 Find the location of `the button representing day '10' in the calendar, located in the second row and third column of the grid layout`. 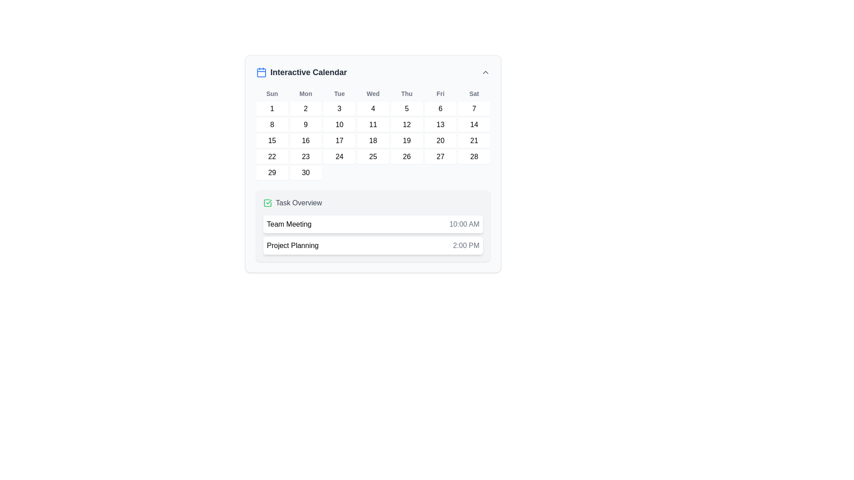

the button representing day '10' in the calendar, located in the second row and third column of the grid layout is located at coordinates (339, 125).